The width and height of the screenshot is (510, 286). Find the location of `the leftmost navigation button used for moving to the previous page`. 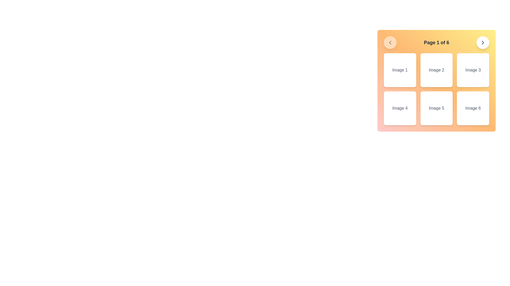

the leftmost navigation button used for moving to the previous page is located at coordinates (390, 42).